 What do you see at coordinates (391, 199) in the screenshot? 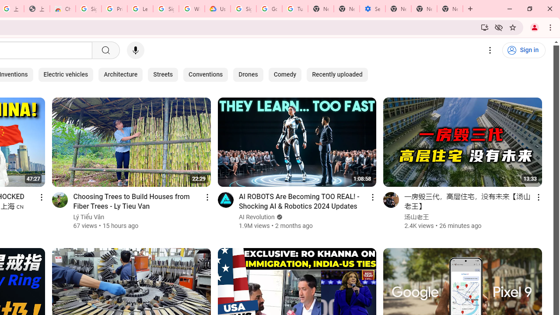
I see `'Go to channel'` at bounding box center [391, 199].